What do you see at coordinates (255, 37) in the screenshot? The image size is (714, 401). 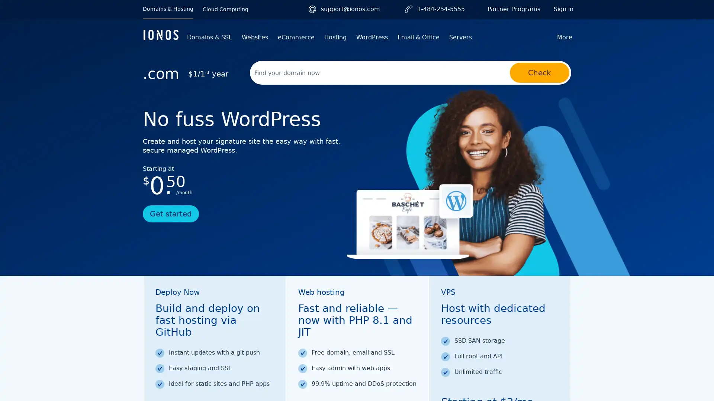 I see `Websites` at bounding box center [255, 37].